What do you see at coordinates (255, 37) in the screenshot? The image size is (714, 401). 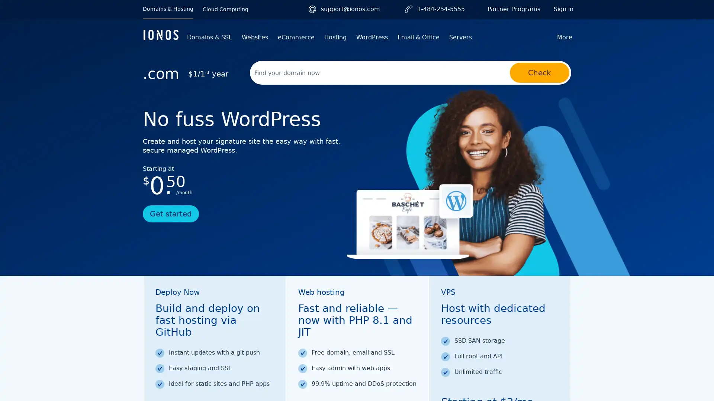 I see `Websites` at bounding box center [255, 37].